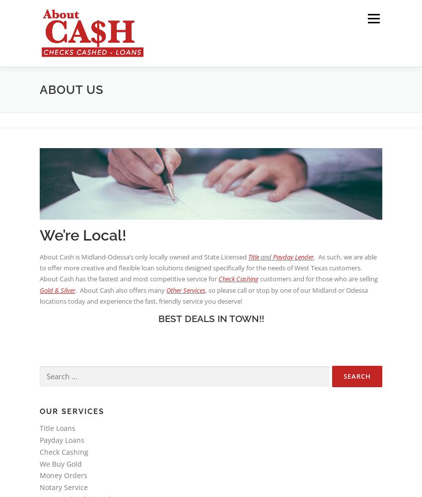 This screenshot has width=422, height=497. What do you see at coordinates (39, 89) in the screenshot?
I see `'About Us'` at bounding box center [39, 89].